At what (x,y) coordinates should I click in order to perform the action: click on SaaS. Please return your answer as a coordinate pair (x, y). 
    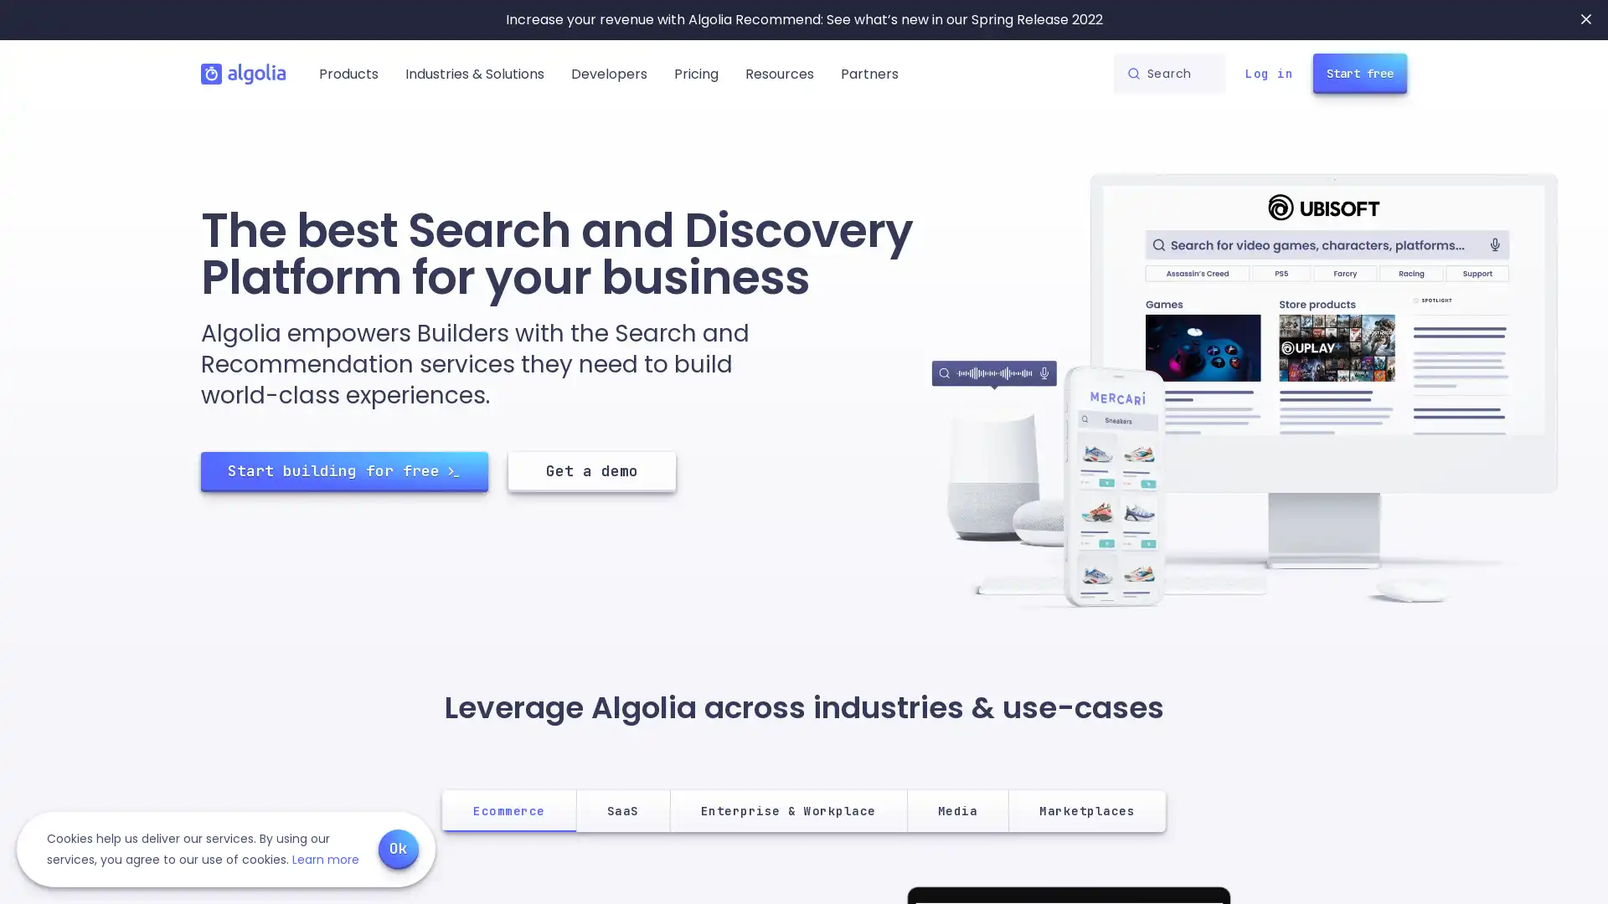
    Looking at the image, I should click on (621, 809).